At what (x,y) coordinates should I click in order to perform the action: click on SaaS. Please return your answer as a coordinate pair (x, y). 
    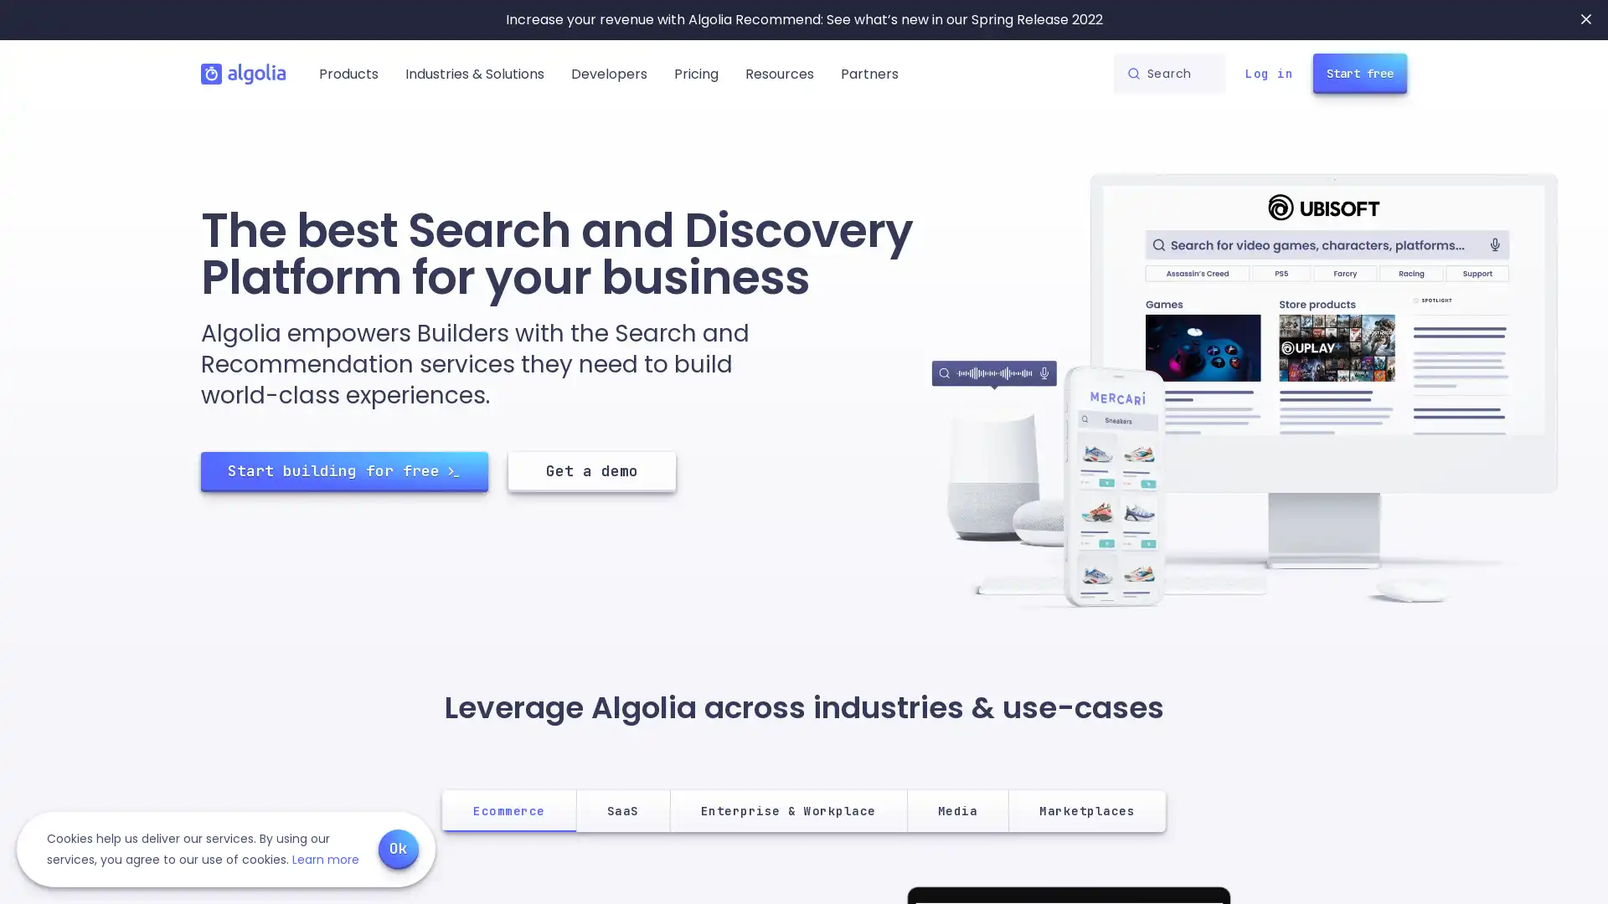
    Looking at the image, I should click on (621, 809).